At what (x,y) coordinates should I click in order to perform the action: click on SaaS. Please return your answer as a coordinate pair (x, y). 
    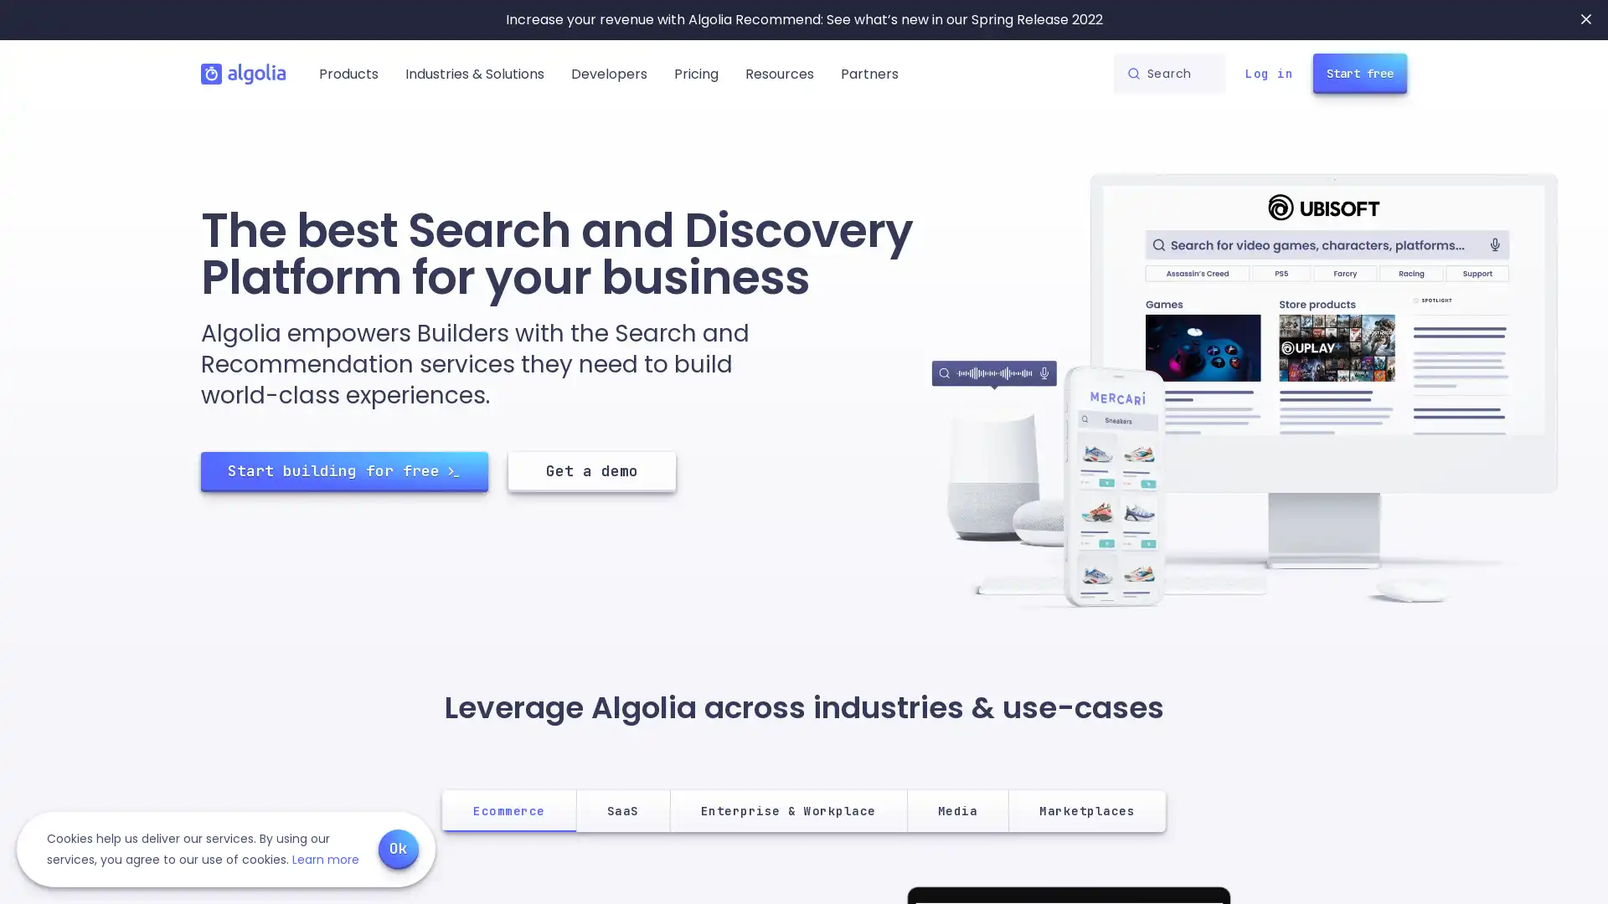
    Looking at the image, I should click on (621, 809).